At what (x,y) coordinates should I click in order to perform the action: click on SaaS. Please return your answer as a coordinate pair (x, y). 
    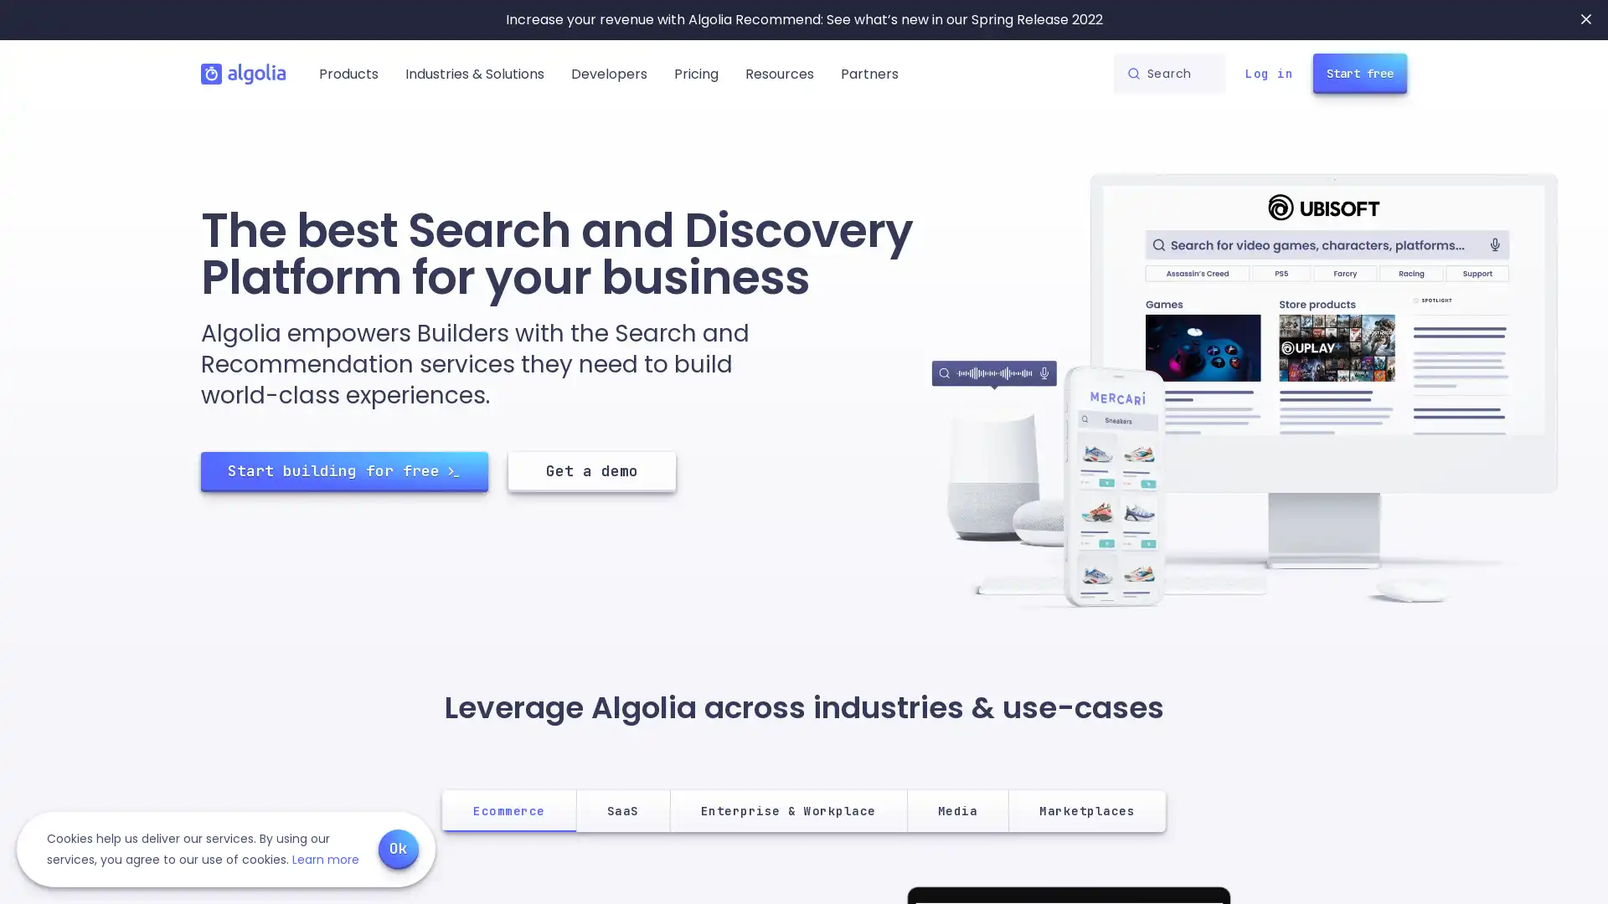
    Looking at the image, I should click on (621, 809).